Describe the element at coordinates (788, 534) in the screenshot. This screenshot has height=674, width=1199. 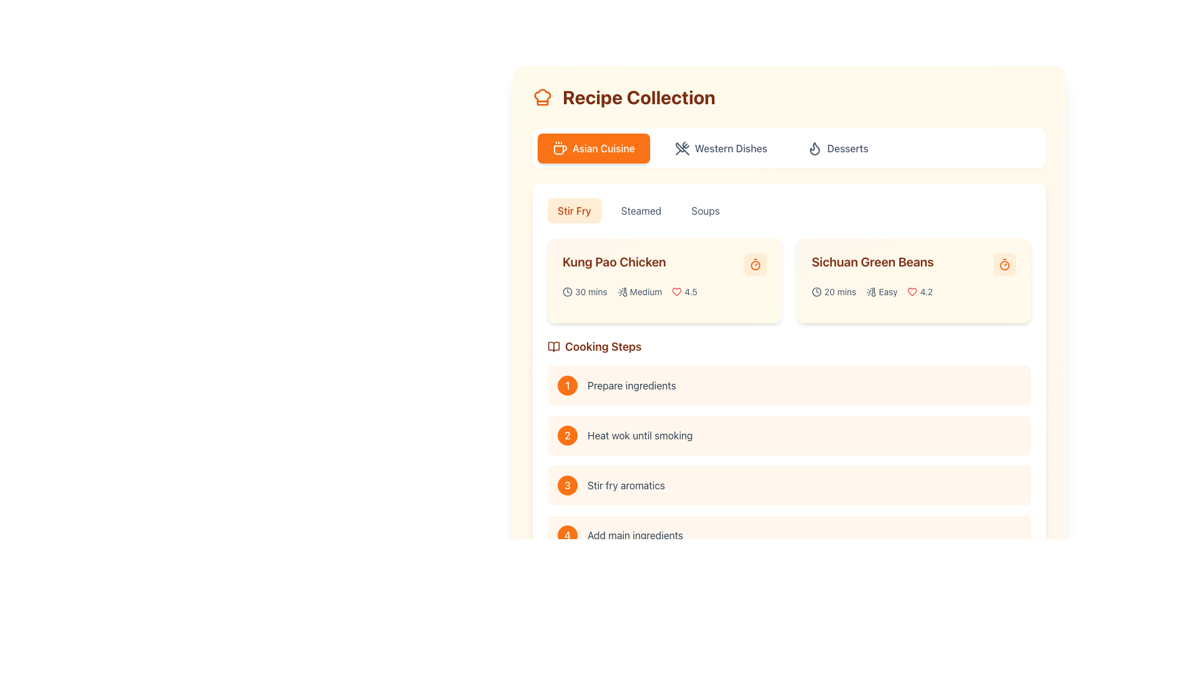
I see `the fourth step in the 'Cooking Steps' list, which is positioned below 'Stir fry aromatics' and above 'Season and serve'` at that location.